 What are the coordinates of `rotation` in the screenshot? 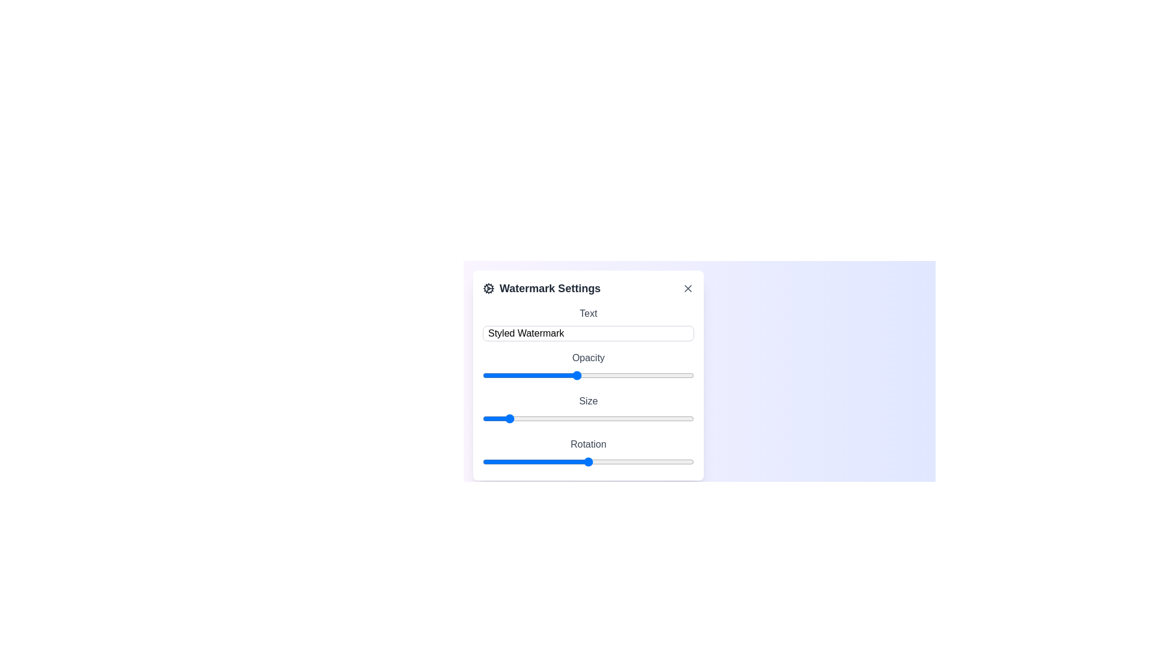 It's located at (579, 461).